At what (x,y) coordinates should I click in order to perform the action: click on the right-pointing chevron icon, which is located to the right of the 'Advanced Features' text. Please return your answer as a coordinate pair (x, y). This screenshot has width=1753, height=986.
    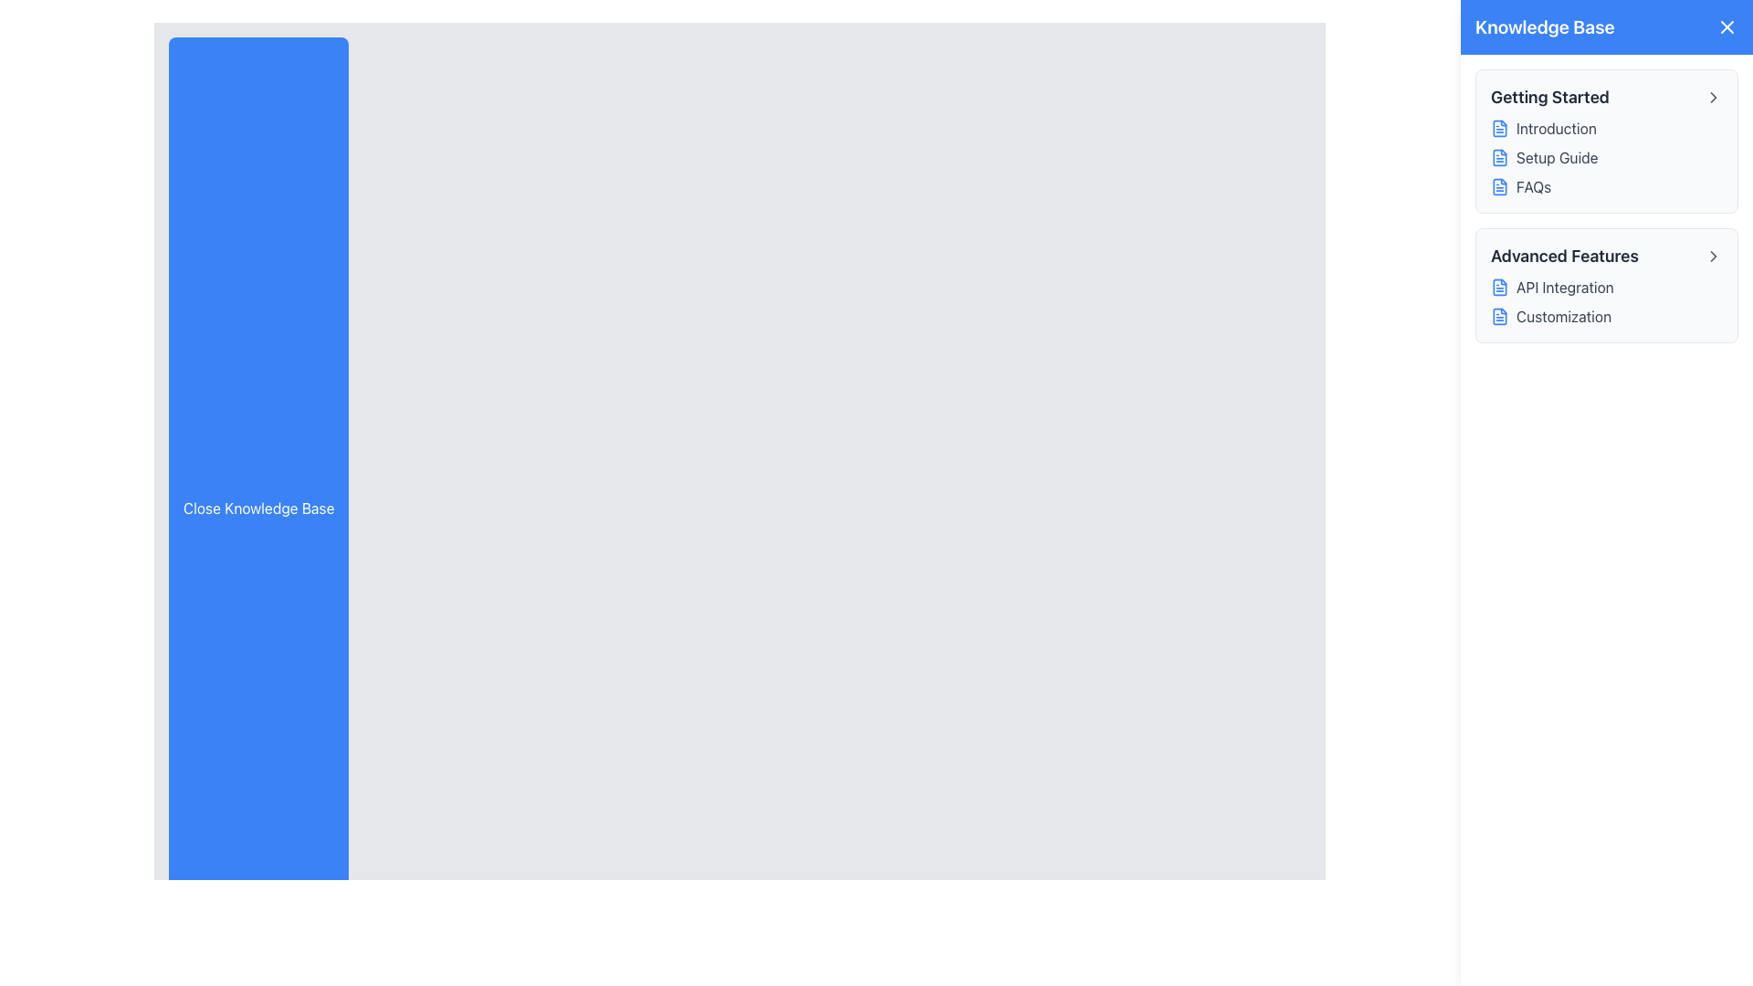
    Looking at the image, I should click on (1712, 257).